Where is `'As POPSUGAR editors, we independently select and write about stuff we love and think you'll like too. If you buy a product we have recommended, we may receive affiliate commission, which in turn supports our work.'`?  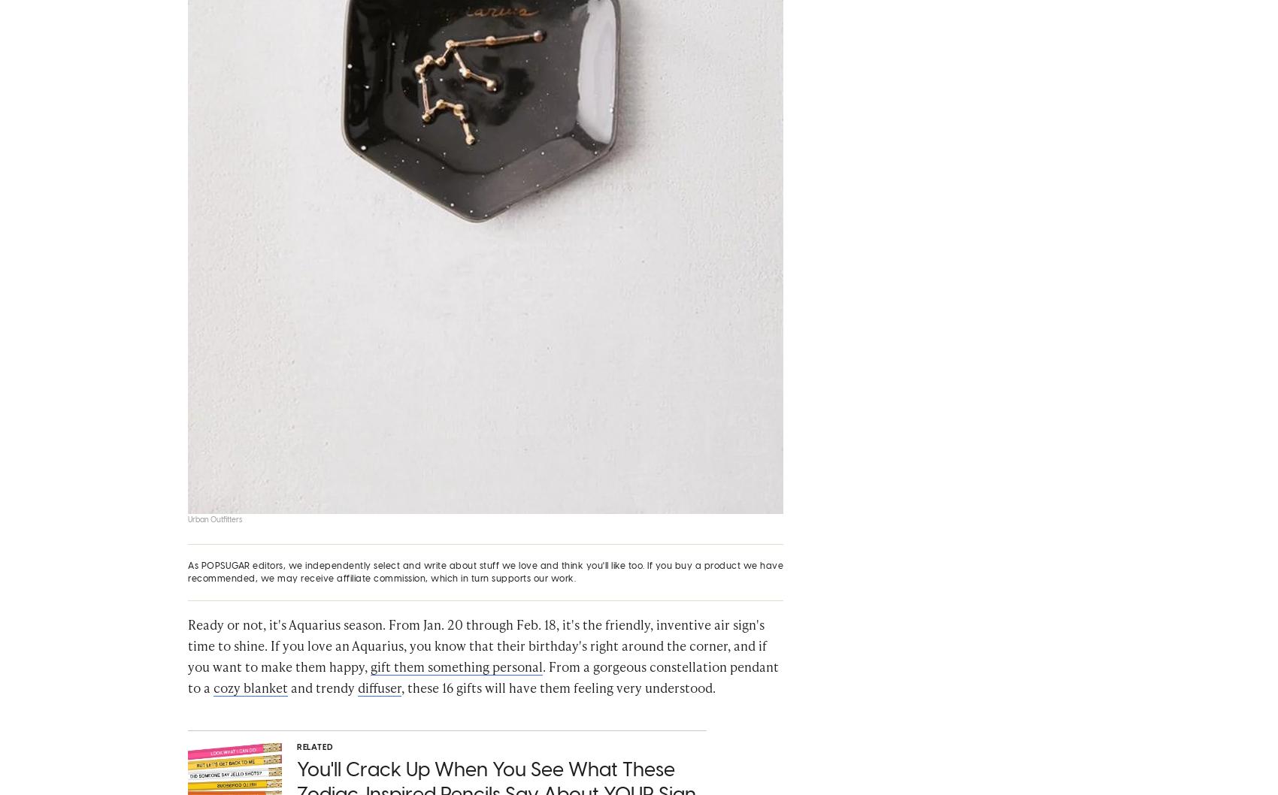 'As POPSUGAR editors, we independently select and write about stuff we love and think you'll like too. If you buy a product we have recommended, we may receive affiliate commission, which in turn supports our work.' is located at coordinates (188, 576).